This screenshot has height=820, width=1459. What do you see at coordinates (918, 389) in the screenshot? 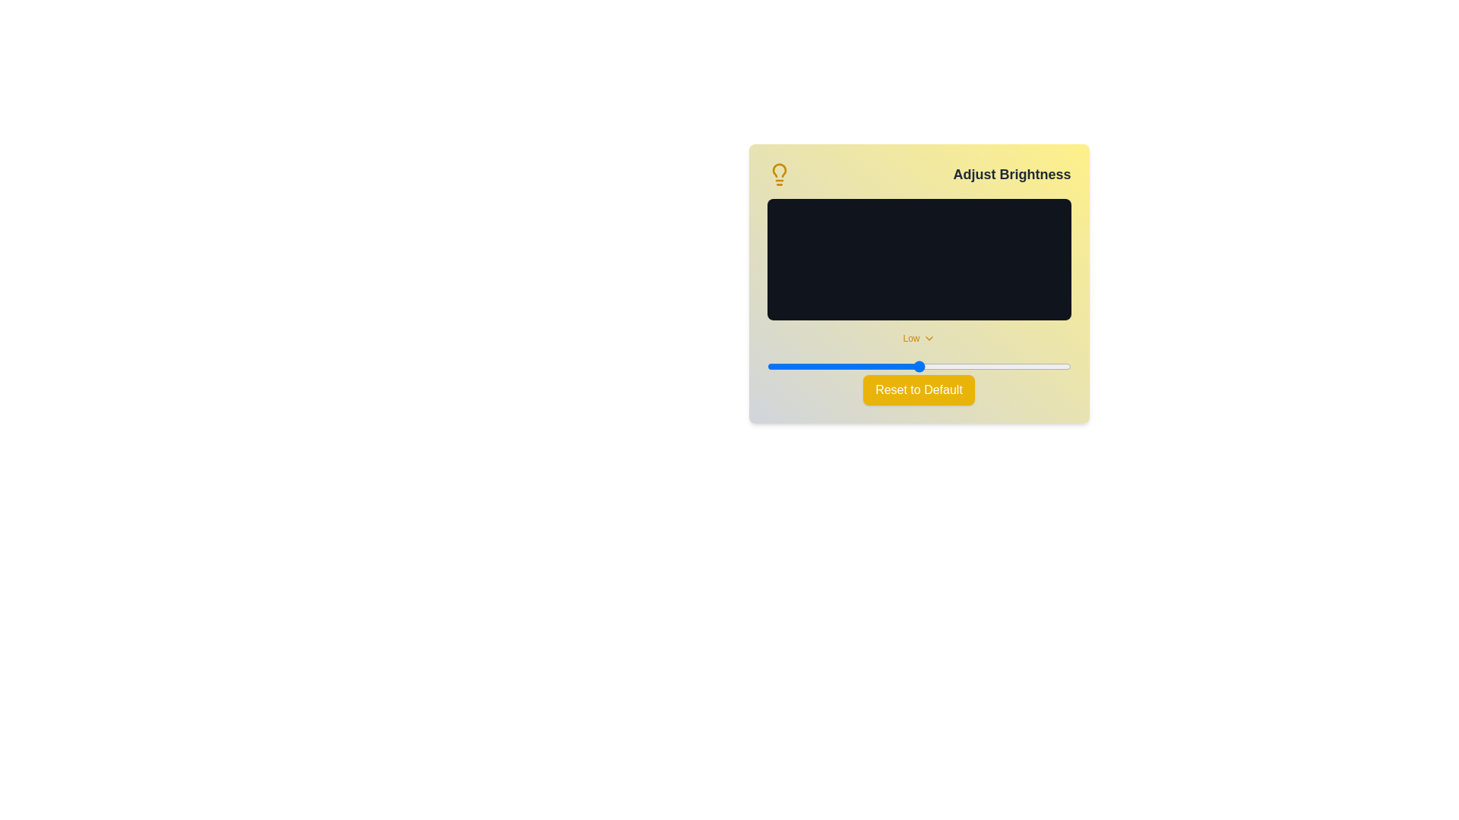
I see `'Reset to Default' button` at bounding box center [918, 389].